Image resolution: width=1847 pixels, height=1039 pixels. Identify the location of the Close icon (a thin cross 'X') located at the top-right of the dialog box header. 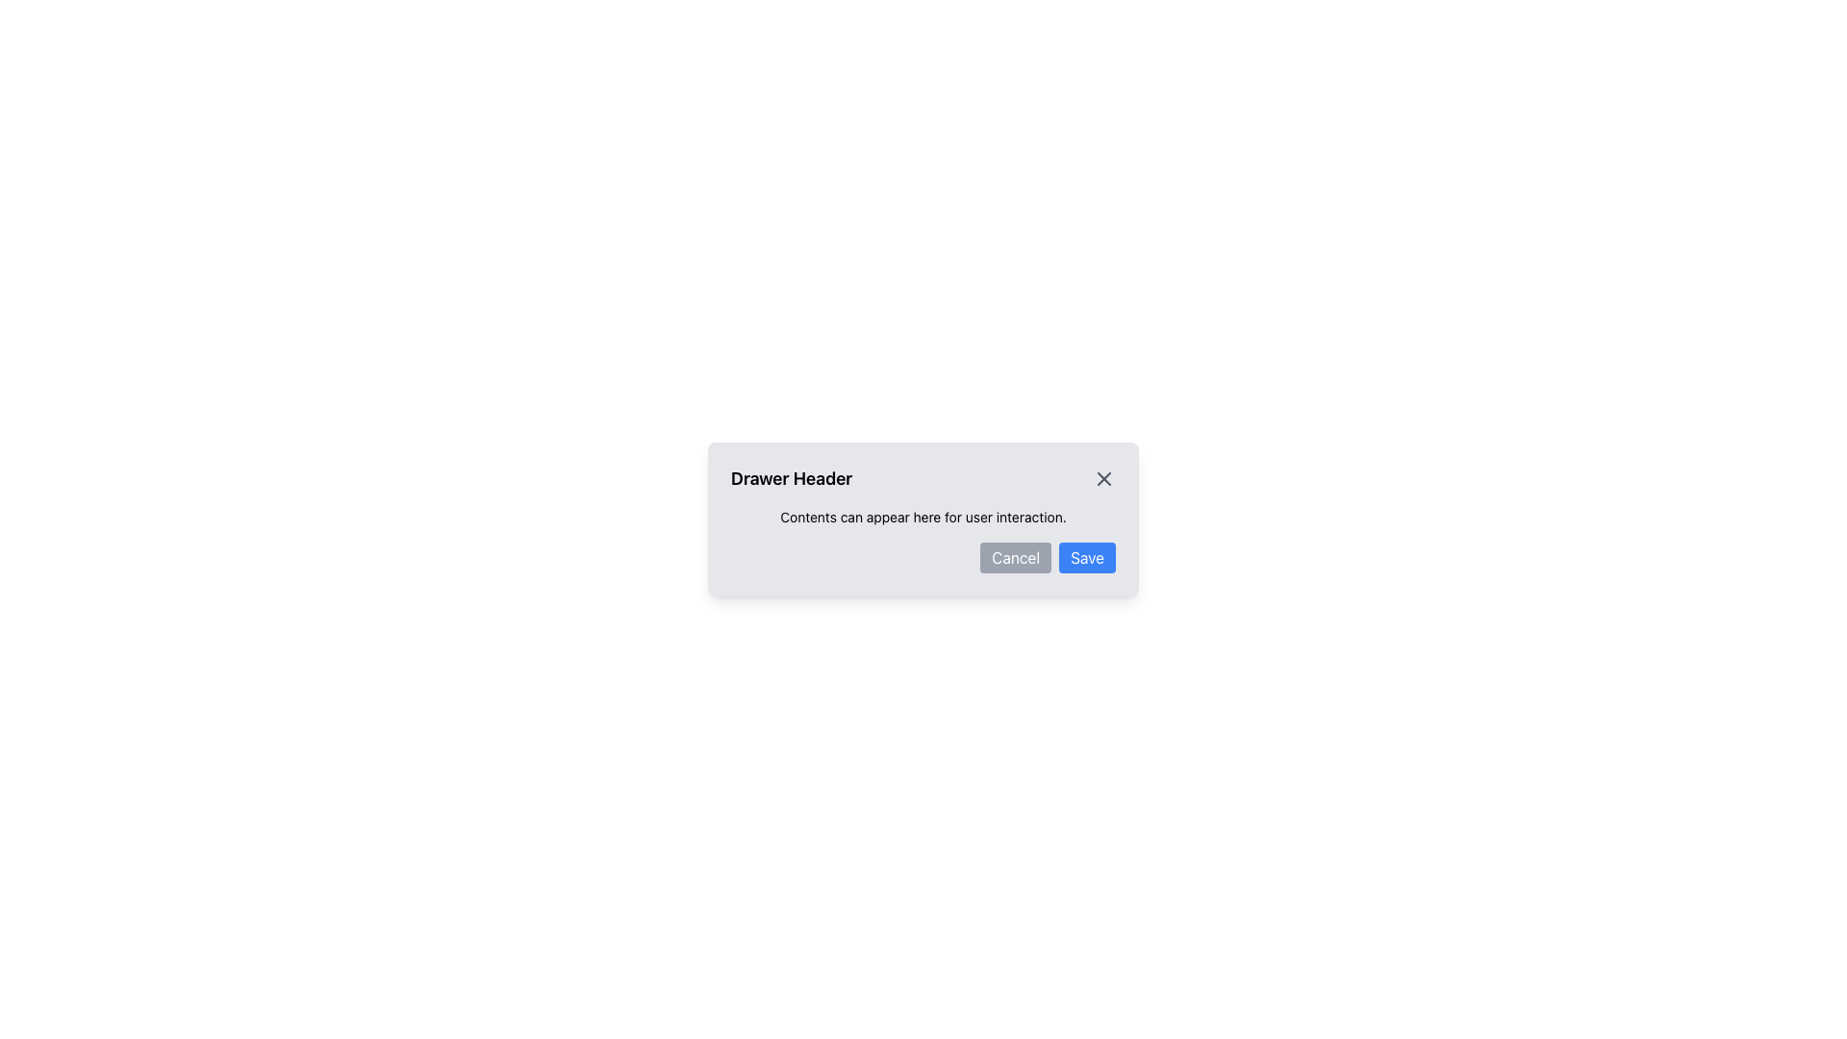
(1103, 477).